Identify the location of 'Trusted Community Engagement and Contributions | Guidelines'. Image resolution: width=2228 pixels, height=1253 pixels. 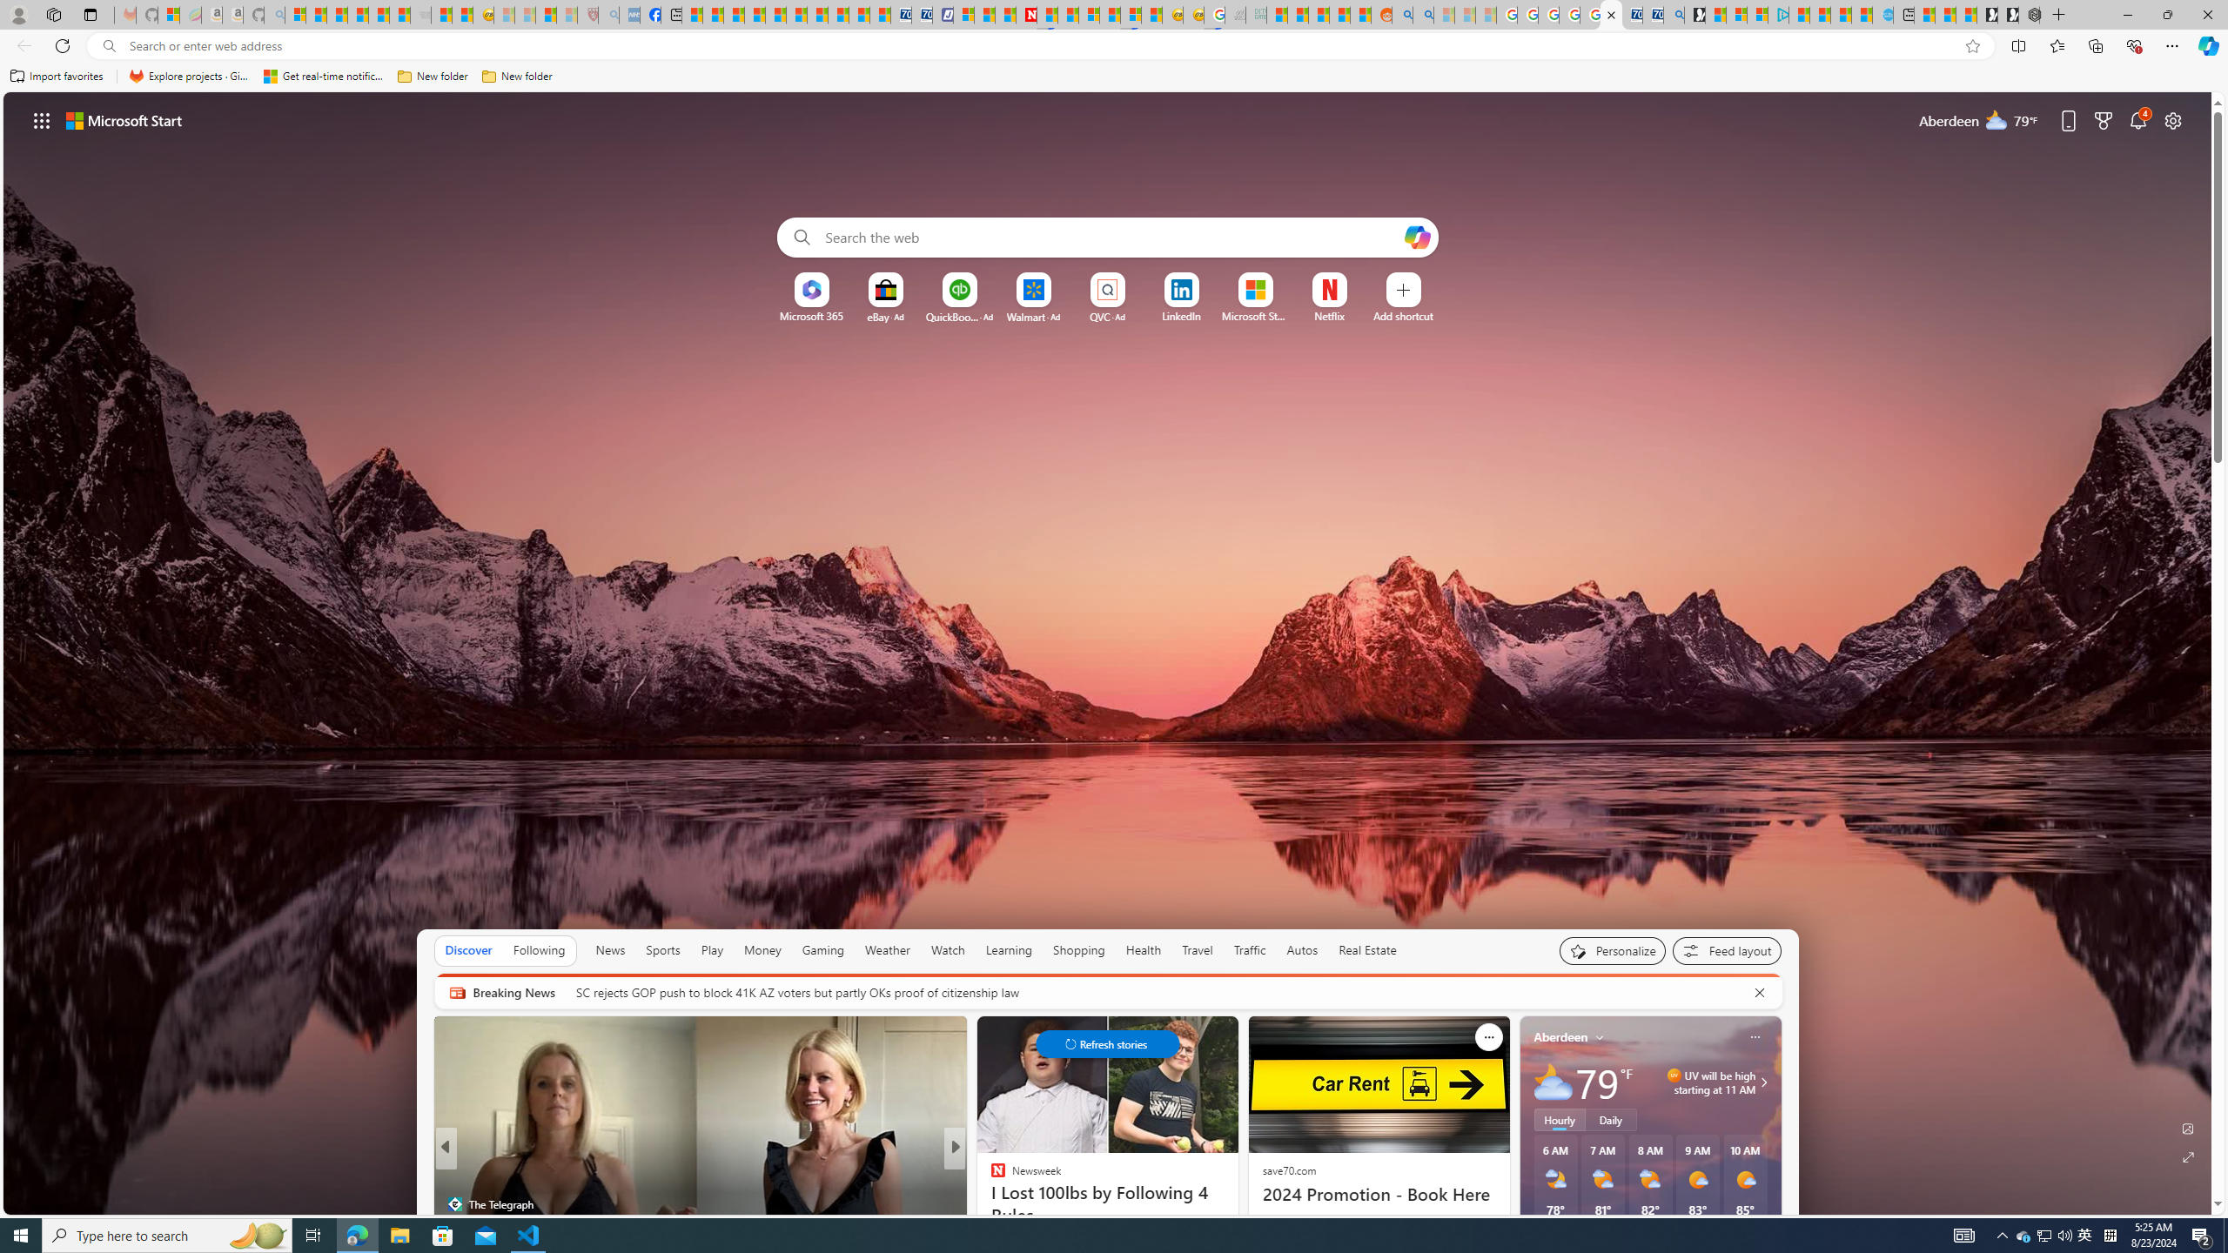
(1046, 14).